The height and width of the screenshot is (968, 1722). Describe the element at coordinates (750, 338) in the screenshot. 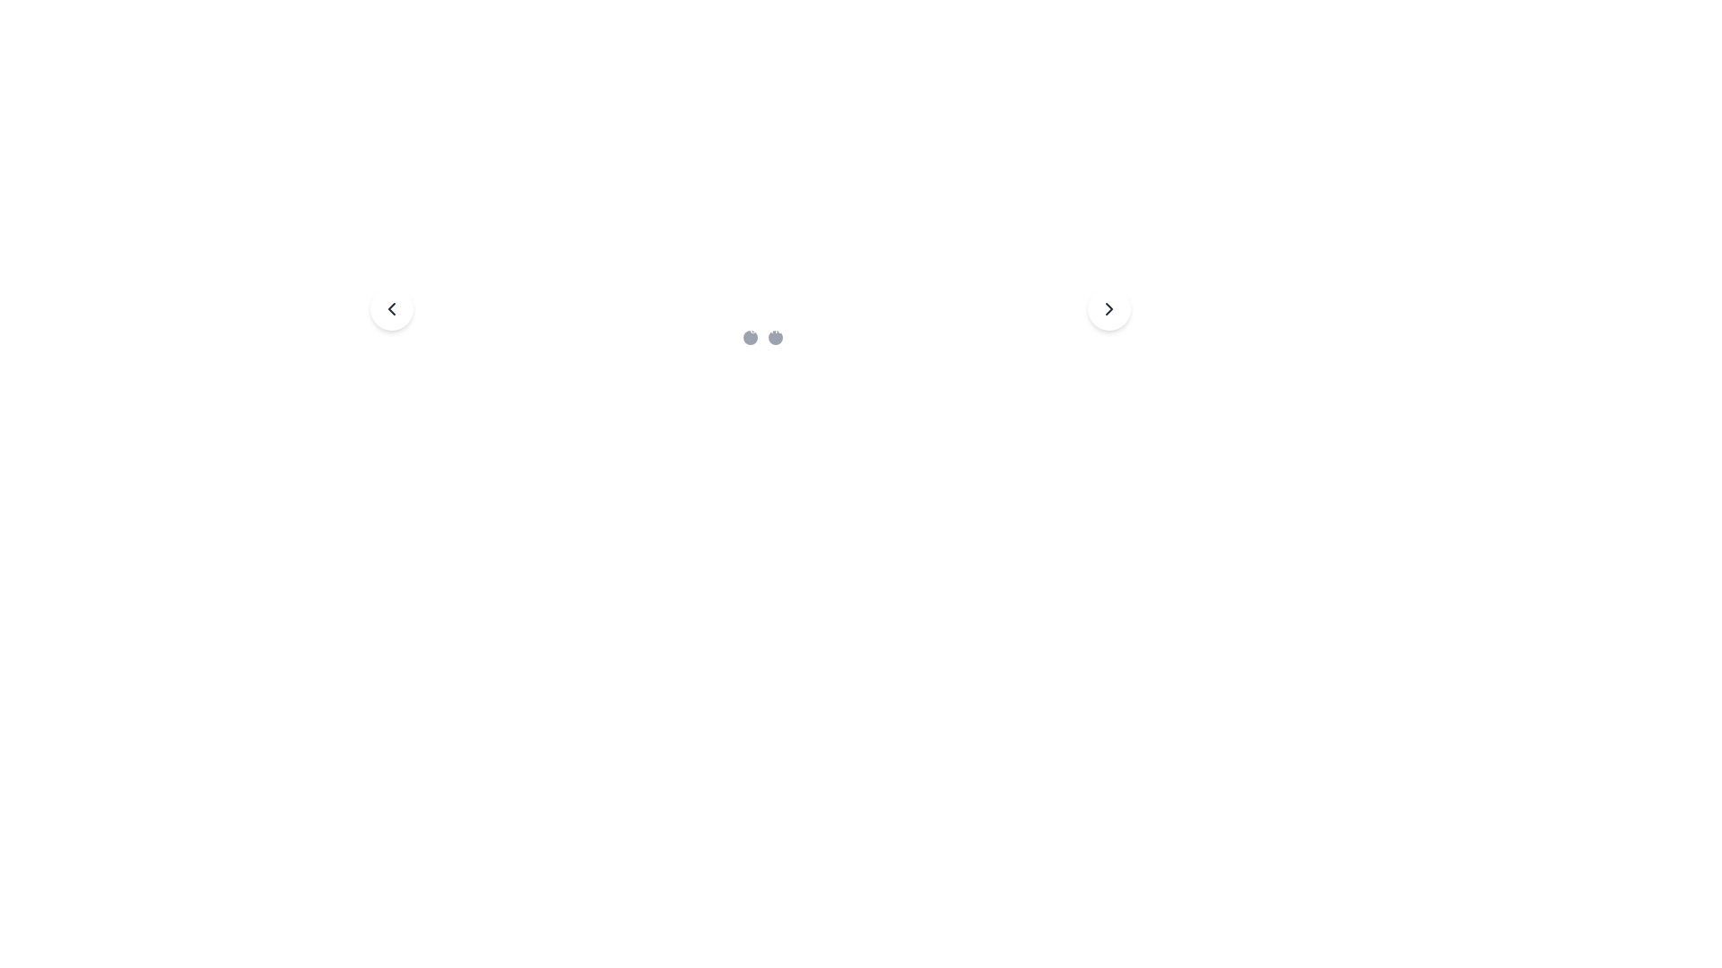

I see `the second circular indicator in the carousel navigation` at that location.